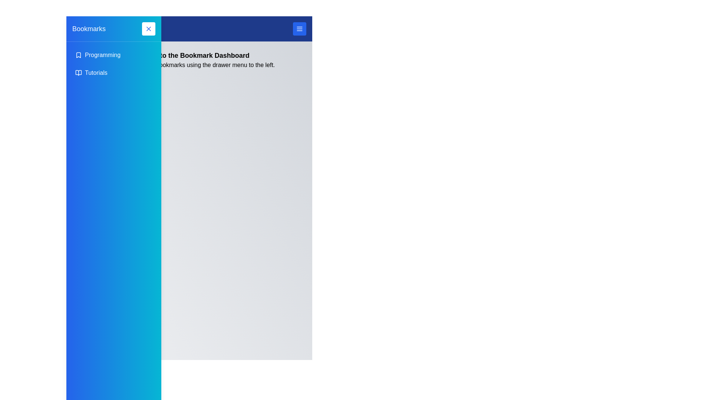  I want to click on the blue rectangular button with rounded corners containing a white hamburger menu icon located at the top-right corner of the blue navigation bar labeled 'Dashboard', so click(299, 28).